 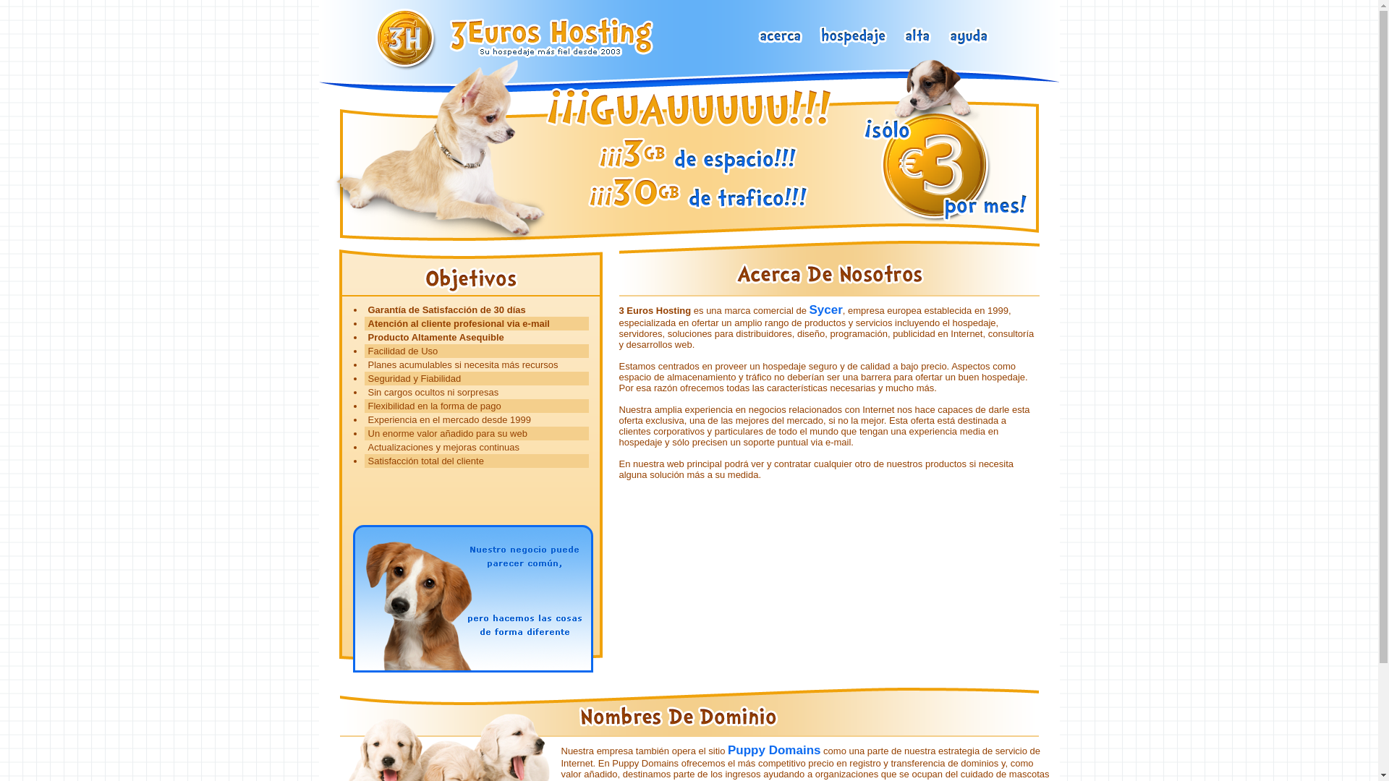 I want to click on 'hospedaje', so click(x=854, y=36).